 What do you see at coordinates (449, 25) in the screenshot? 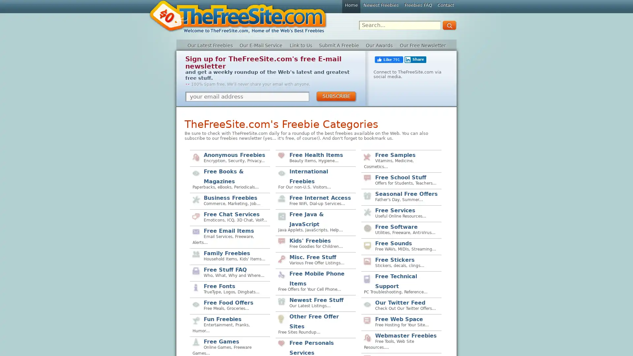
I see `GO` at bounding box center [449, 25].